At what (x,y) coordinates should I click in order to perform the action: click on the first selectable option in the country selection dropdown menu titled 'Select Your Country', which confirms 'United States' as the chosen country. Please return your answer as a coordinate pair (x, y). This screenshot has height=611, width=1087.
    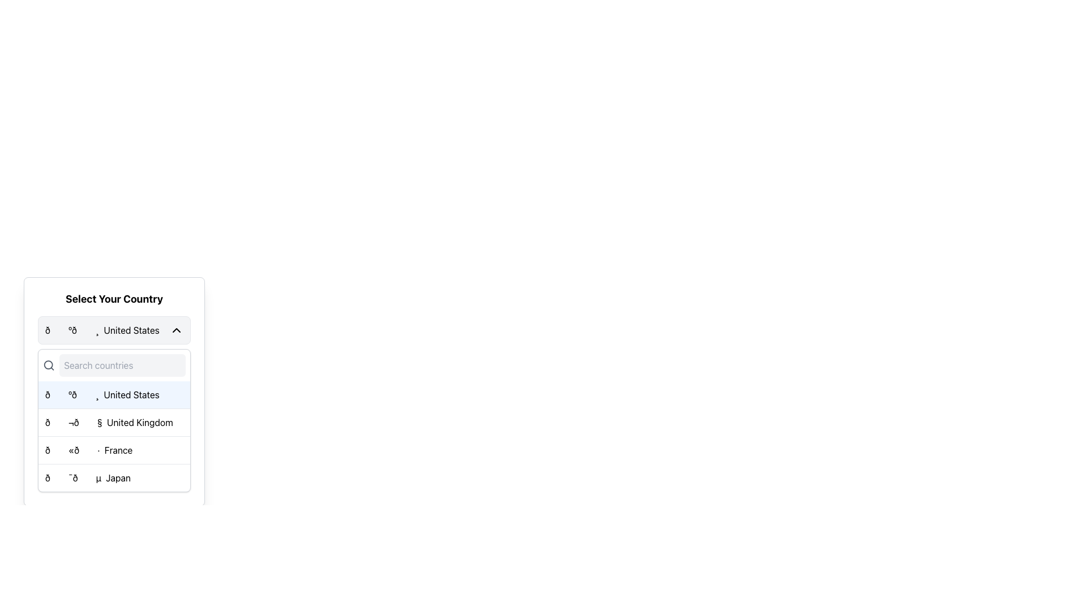
    Looking at the image, I should click on (114, 394).